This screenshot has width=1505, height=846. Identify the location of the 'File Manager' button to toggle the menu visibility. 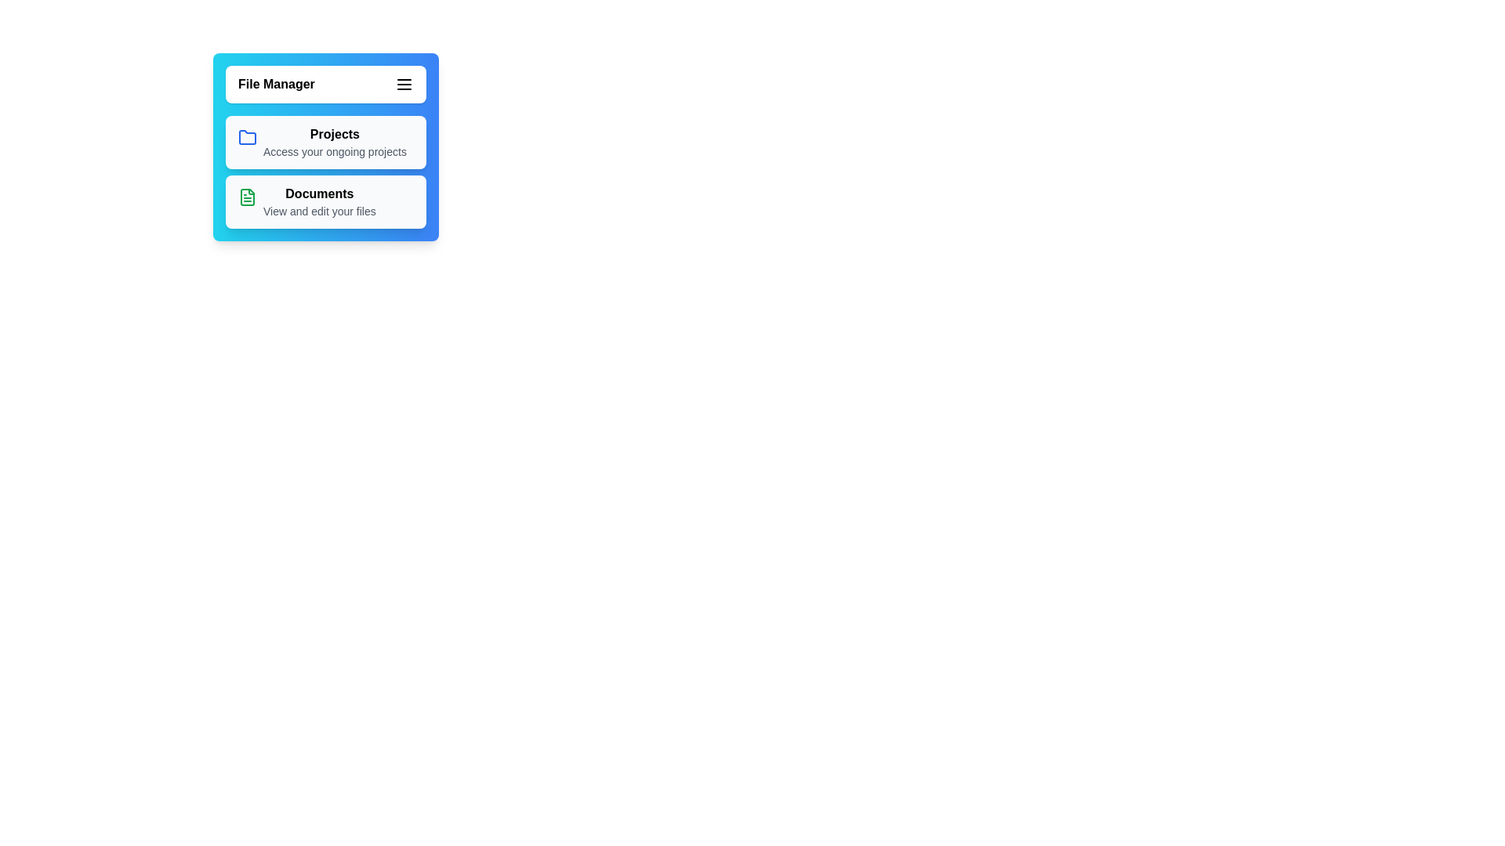
(325, 85).